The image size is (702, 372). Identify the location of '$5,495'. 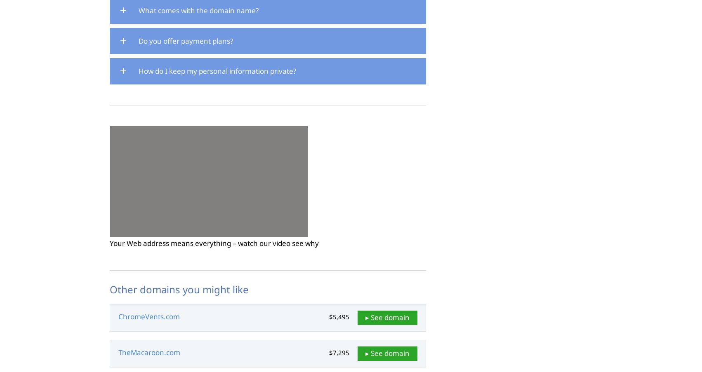
(339, 316).